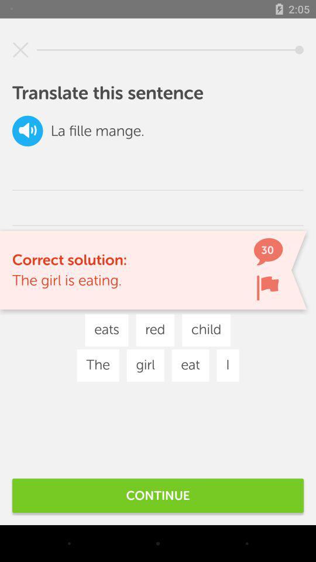 The height and width of the screenshot is (562, 316). Describe the element at coordinates (28, 131) in the screenshot. I see `mute` at that location.